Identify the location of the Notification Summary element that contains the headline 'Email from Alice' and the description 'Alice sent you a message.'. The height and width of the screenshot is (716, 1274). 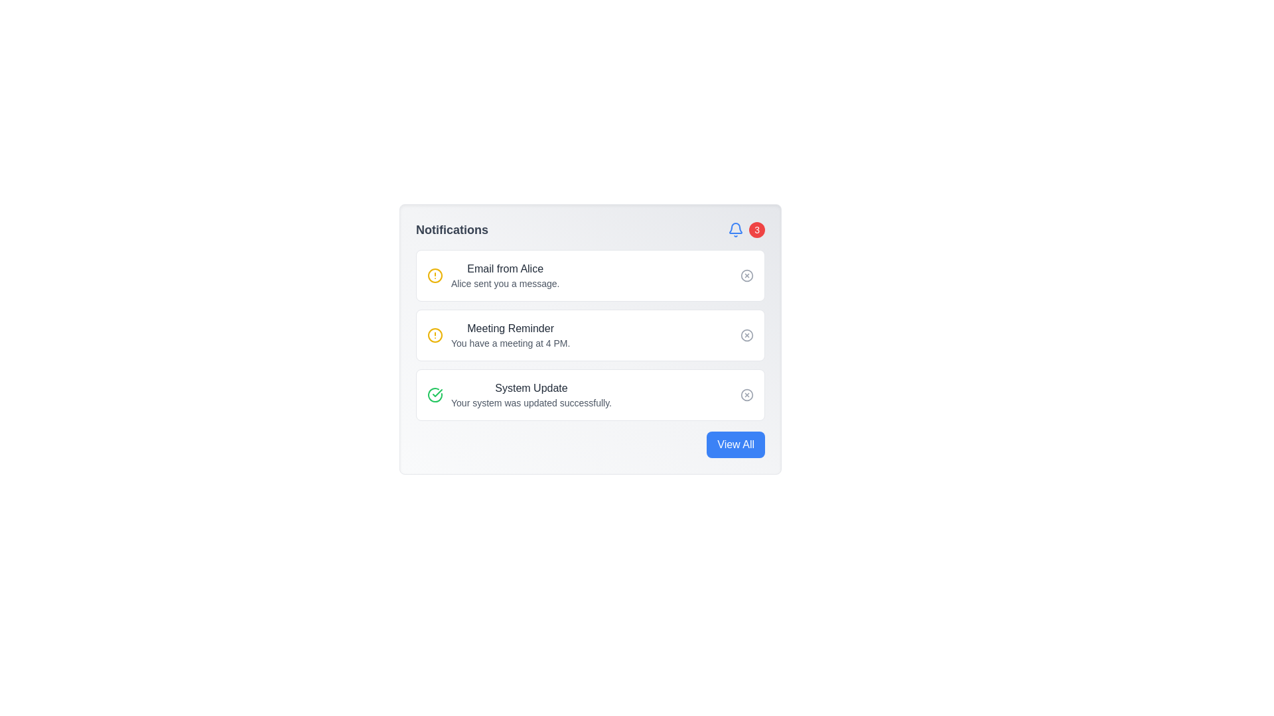
(504, 275).